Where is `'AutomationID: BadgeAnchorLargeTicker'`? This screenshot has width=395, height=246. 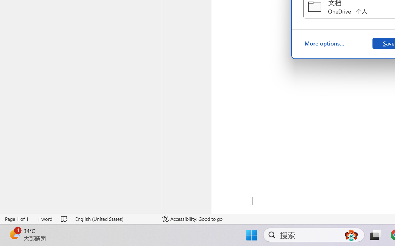
'AutomationID: BadgeAnchorLargeTicker' is located at coordinates (14, 234).